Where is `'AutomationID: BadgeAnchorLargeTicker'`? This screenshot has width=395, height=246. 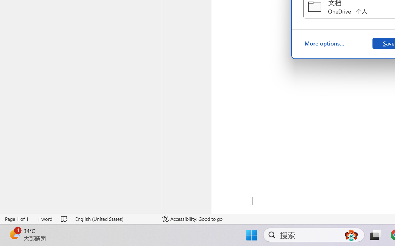
'AutomationID: BadgeAnchorLargeTicker' is located at coordinates (14, 234).